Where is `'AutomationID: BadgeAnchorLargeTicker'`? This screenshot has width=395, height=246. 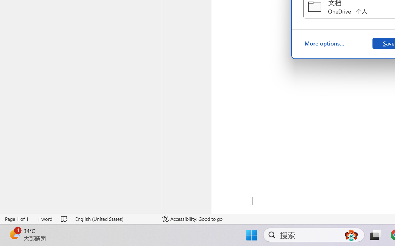
'AutomationID: BadgeAnchorLargeTicker' is located at coordinates (14, 234).